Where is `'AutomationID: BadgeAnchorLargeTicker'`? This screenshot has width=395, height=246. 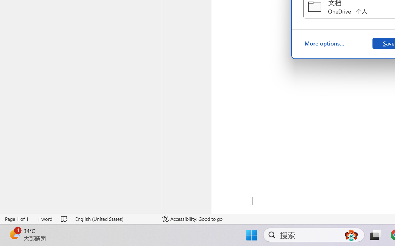
'AutomationID: BadgeAnchorLargeTicker' is located at coordinates (14, 234).